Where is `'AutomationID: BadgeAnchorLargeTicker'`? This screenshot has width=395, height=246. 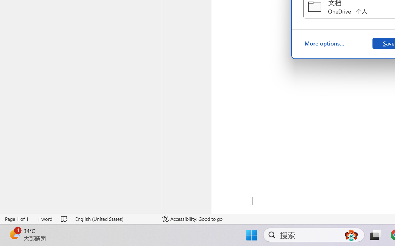
'AutomationID: BadgeAnchorLargeTicker' is located at coordinates (14, 234).